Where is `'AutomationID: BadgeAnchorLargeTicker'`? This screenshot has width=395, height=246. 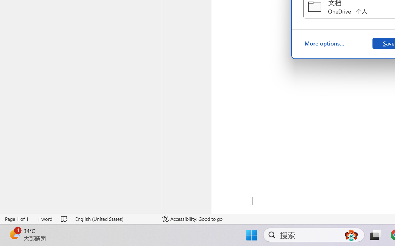
'AutomationID: BadgeAnchorLargeTicker' is located at coordinates (14, 234).